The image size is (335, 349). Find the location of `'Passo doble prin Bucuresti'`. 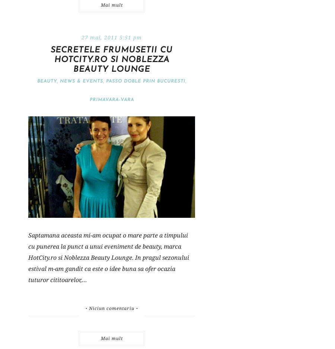

'Passo doble prin Bucuresti' is located at coordinates (105, 81).